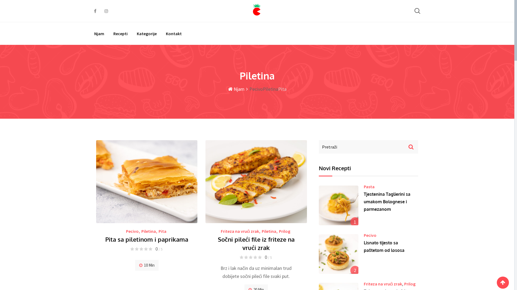  What do you see at coordinates (417, 11) in the screenshot?
I see `'Pretraga'` at bounding box center [417, 11].